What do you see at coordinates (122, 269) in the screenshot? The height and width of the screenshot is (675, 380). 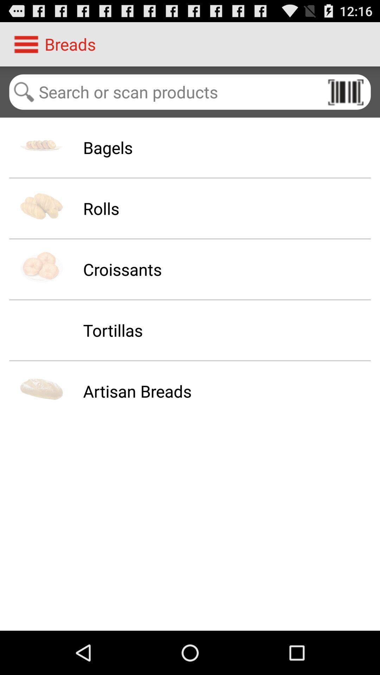 I see `croissants icon` at bounding box center [122, 269].